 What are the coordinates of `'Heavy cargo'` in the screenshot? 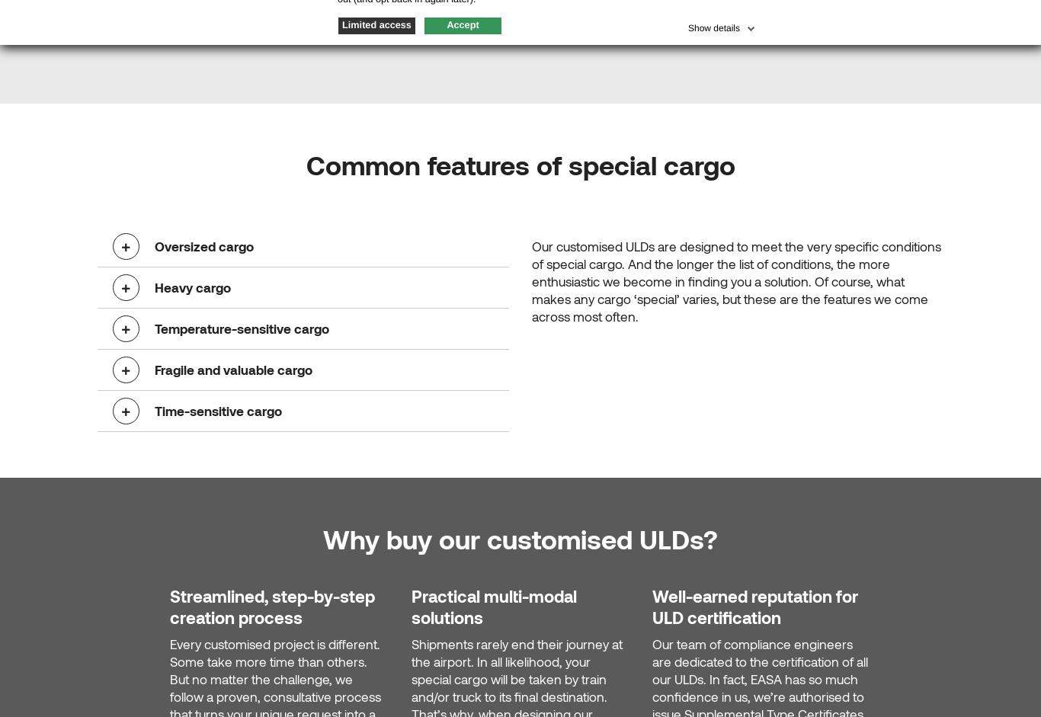 It's located at (192, 286).